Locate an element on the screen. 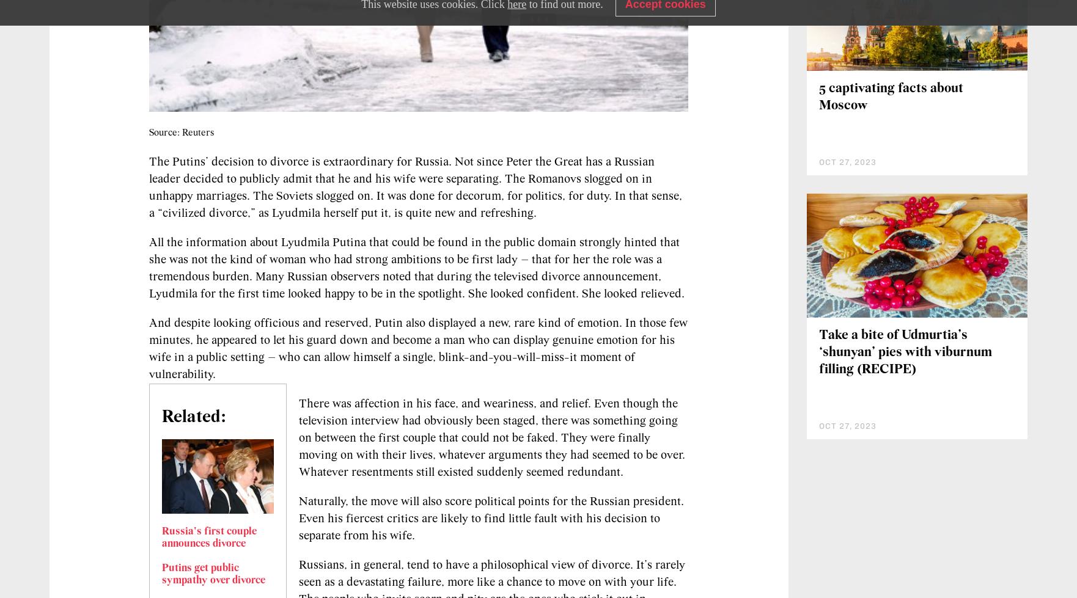 The image size is (1077, 598). 'Putins get public sympathy over divorce' is located at coordinates (162, 573).